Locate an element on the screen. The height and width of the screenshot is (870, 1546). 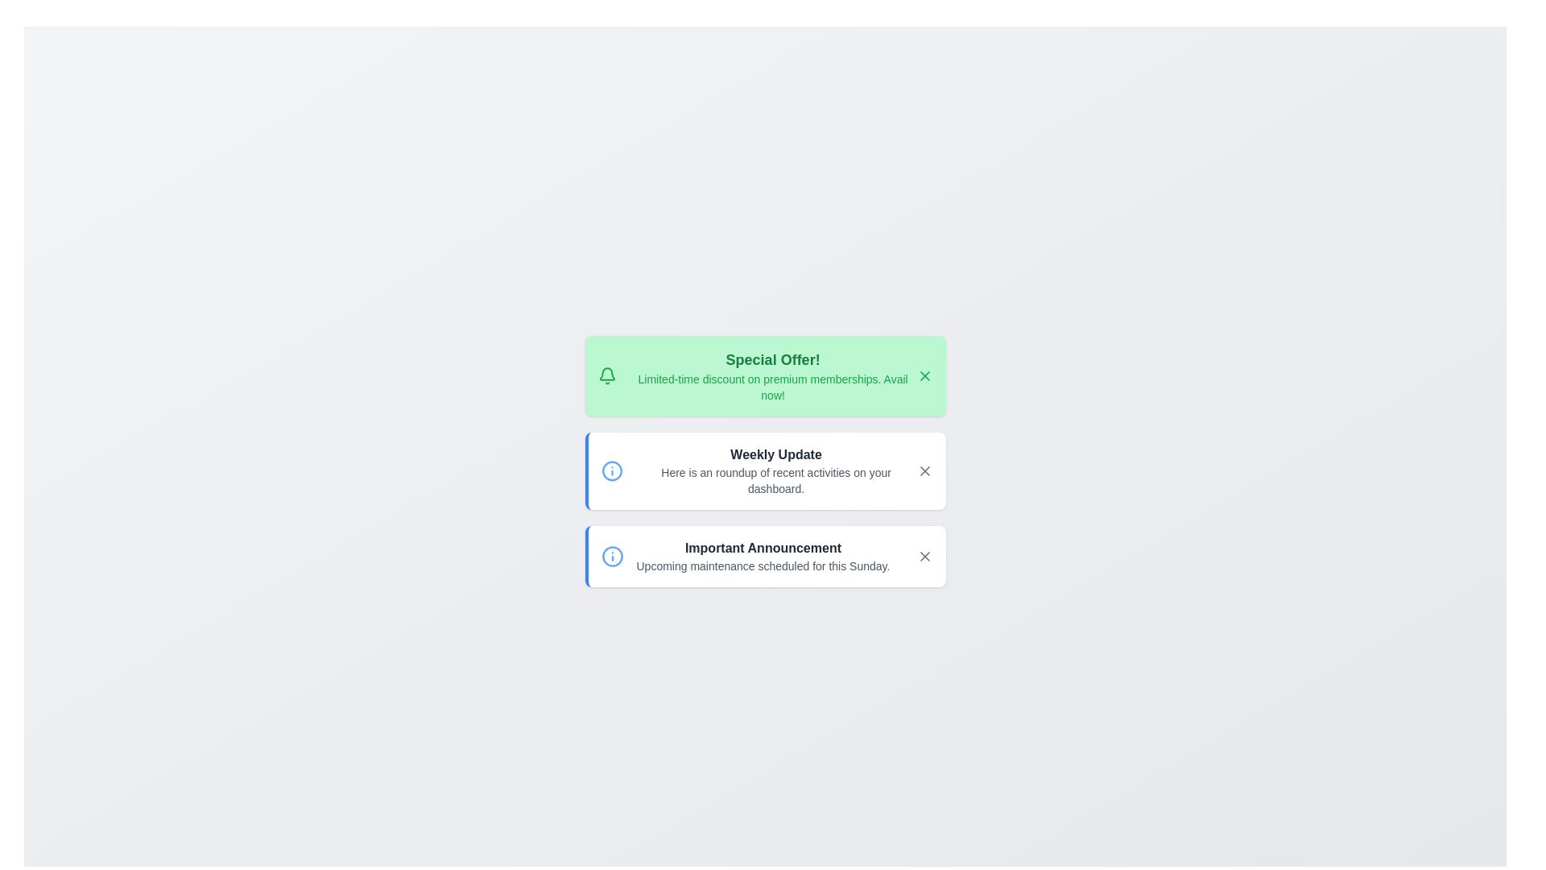
the alert icon corresponding to Weekly Update to inspect its information is located at coordinates (611, 471).